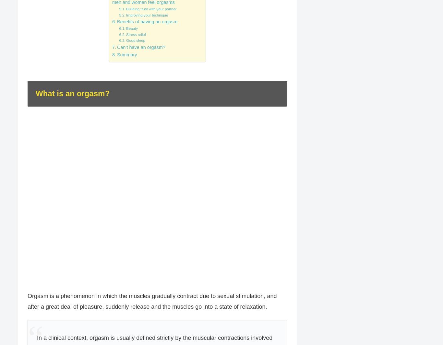 This screenshot has width=443, height=345. I want to click on 'What is an orgasm?', so click(72, 93).